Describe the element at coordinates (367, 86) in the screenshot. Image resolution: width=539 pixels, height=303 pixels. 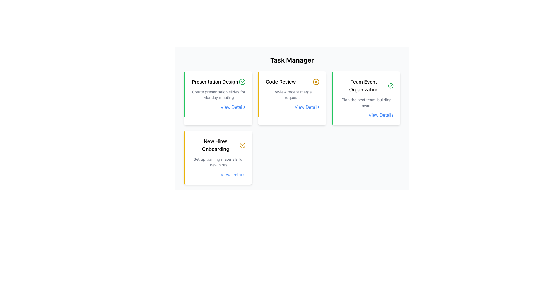
I see `title 'Team Event Organization' which is prominently displayed in bold font with a green checkmark icon to its right, located in the top-right section of the card in the Task Manager interface` at that location.